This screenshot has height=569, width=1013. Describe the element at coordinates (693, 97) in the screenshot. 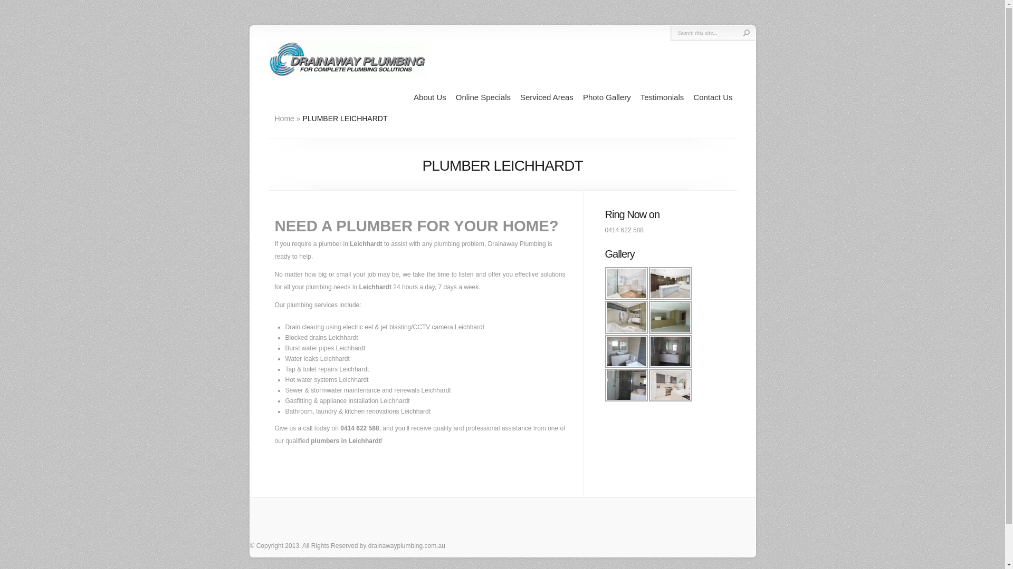

I see `'Contact Us'` at that location.